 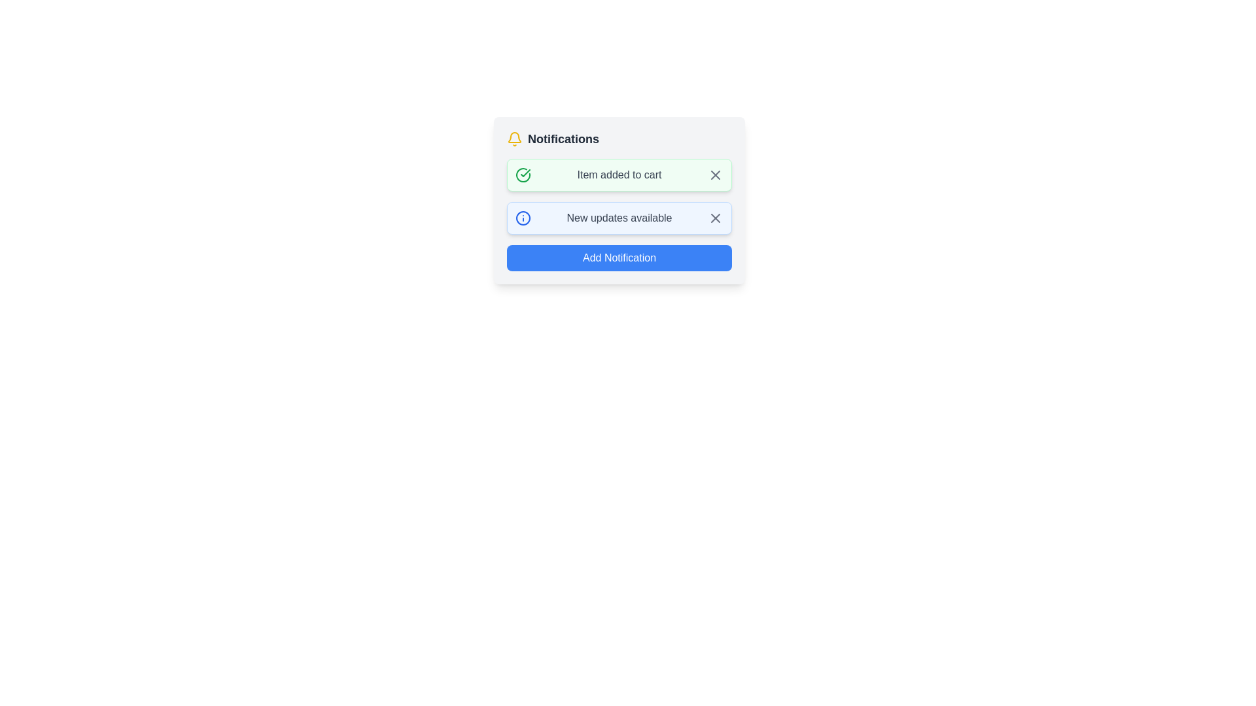 What do you see at coordinates (523, 218) in the screenshot?
I see `the circular info badge icon in vivid blue color located on the left side of the 'New updates available' notification card` at bounding box center [523, 218].